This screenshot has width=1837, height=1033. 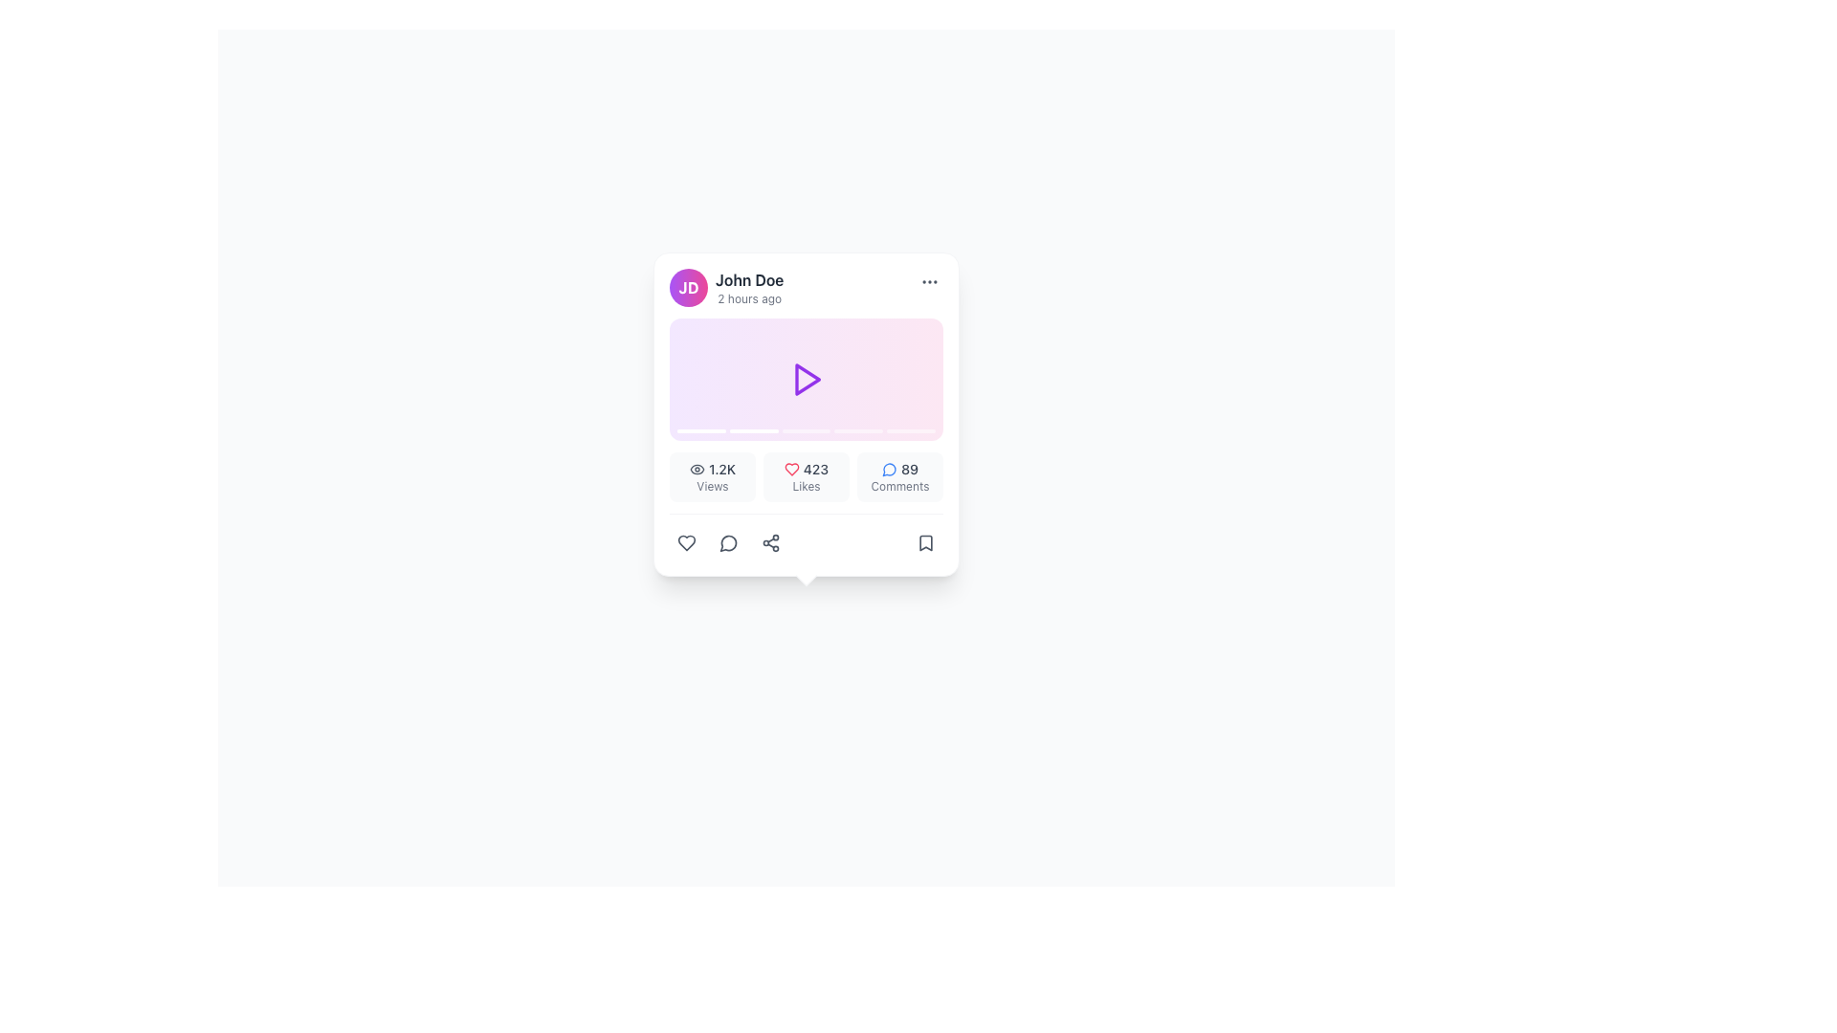 I want to click on the leftmost progress indicator segment, which is a horizontal bar with rounded ends and a white, semi-transparent fill, located at the bottom of a card-like component, so click(x=700, y=431).